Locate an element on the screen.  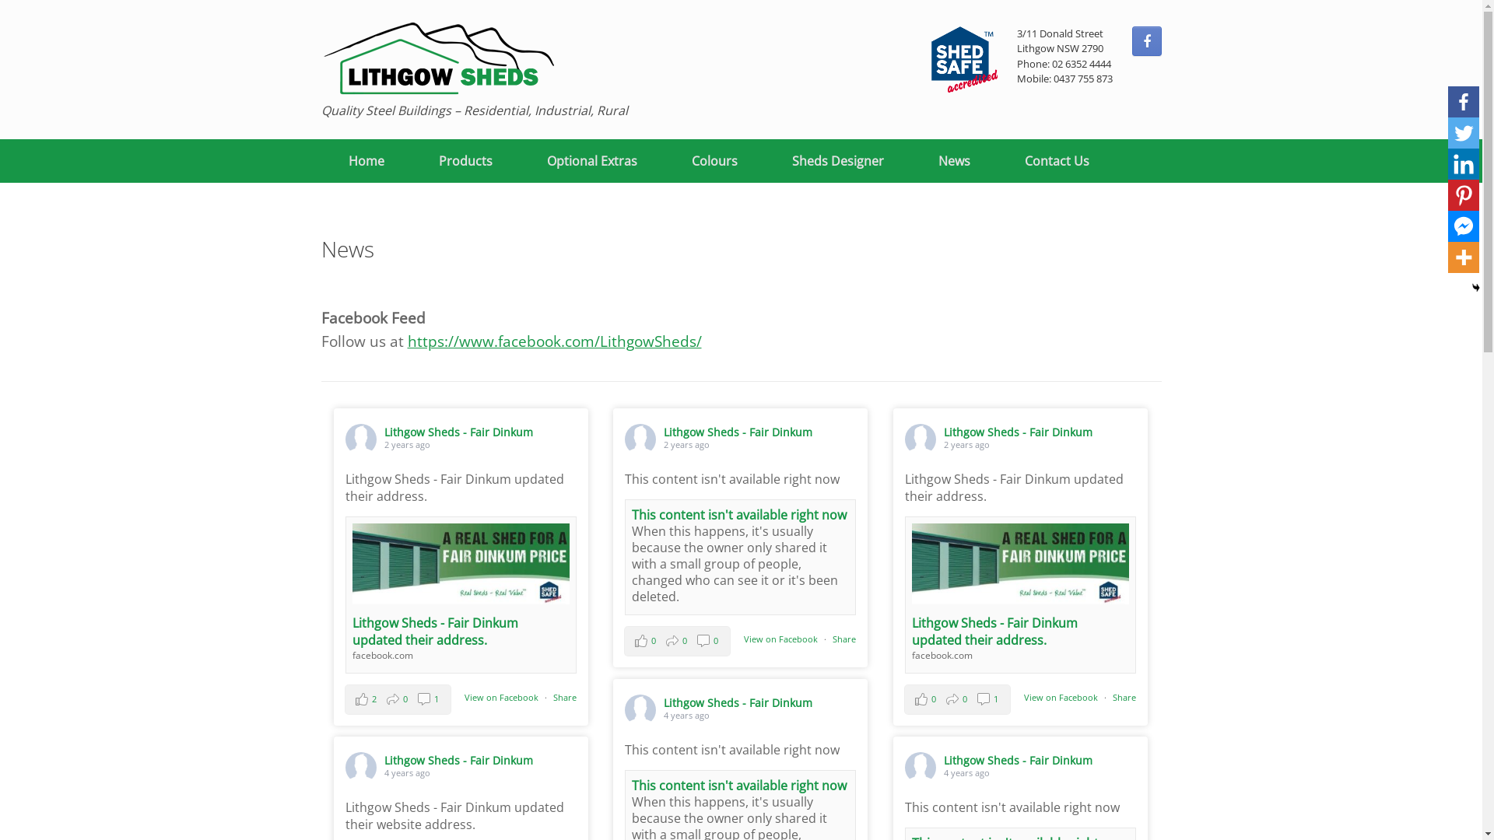
'News' is located at coordinates (910, 161).